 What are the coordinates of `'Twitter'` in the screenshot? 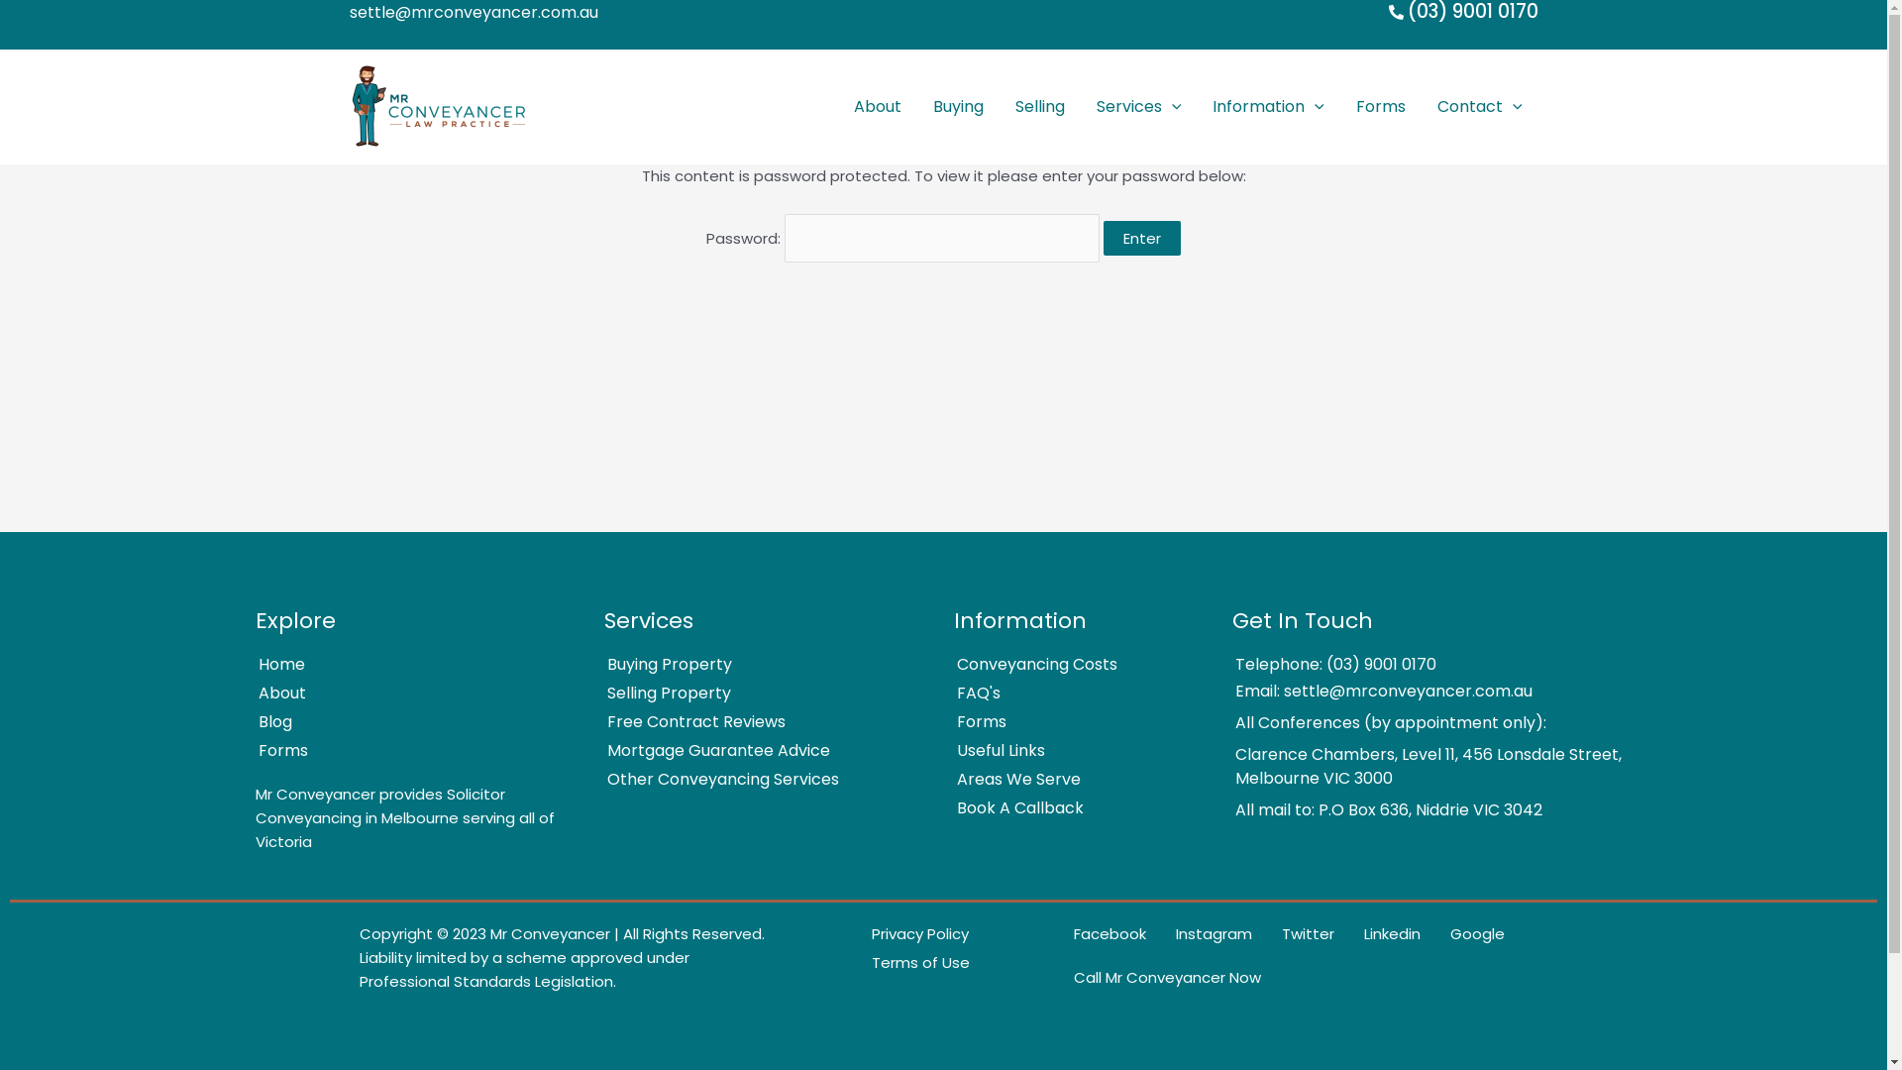 It's located at (1254, 933).